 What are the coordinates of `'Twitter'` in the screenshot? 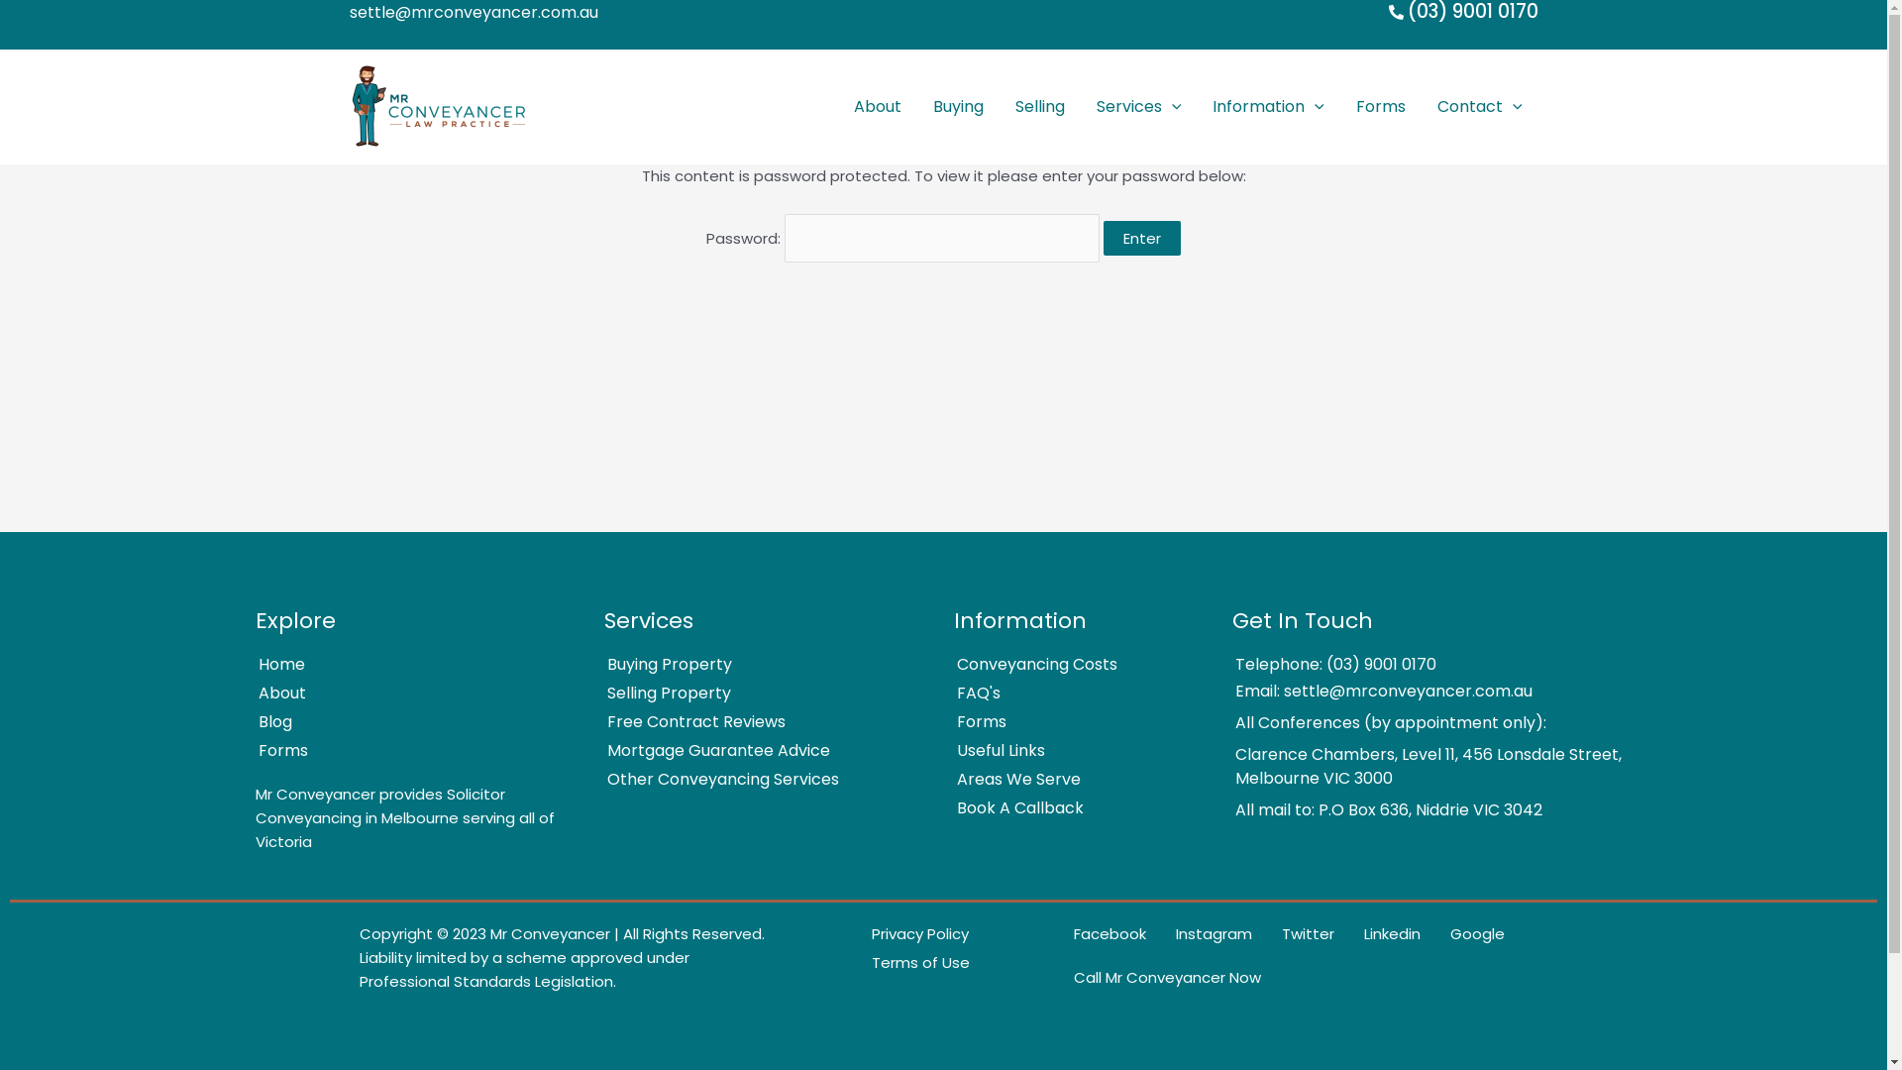 It's located at (1254, 933).